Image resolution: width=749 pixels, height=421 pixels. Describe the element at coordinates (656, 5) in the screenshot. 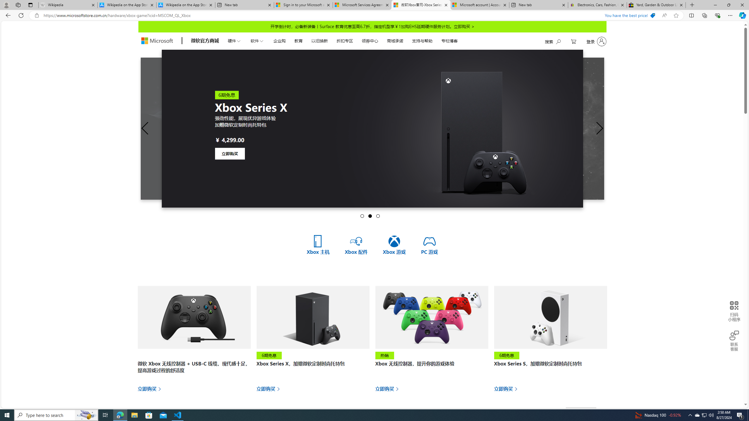

I see `'Yard, Garden & Outdoor Living'` at that location.